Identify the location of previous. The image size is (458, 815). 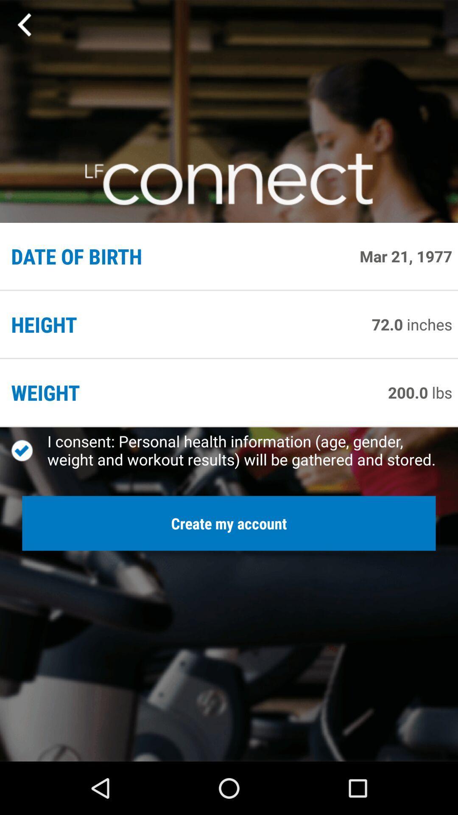
(25, 25).